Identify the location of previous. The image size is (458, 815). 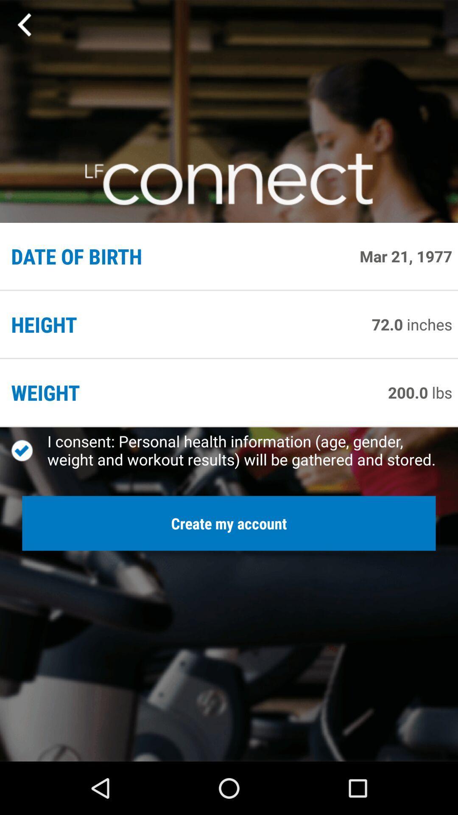
(25, 25).